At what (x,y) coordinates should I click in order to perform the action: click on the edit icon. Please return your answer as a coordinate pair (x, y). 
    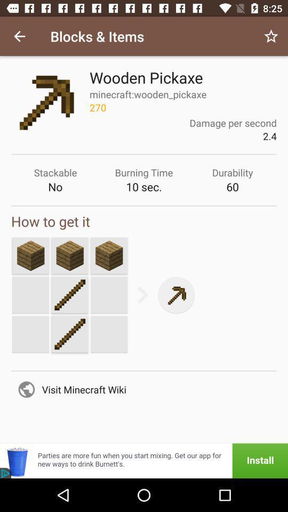
    Looking at the image, I should click on (70, 333).